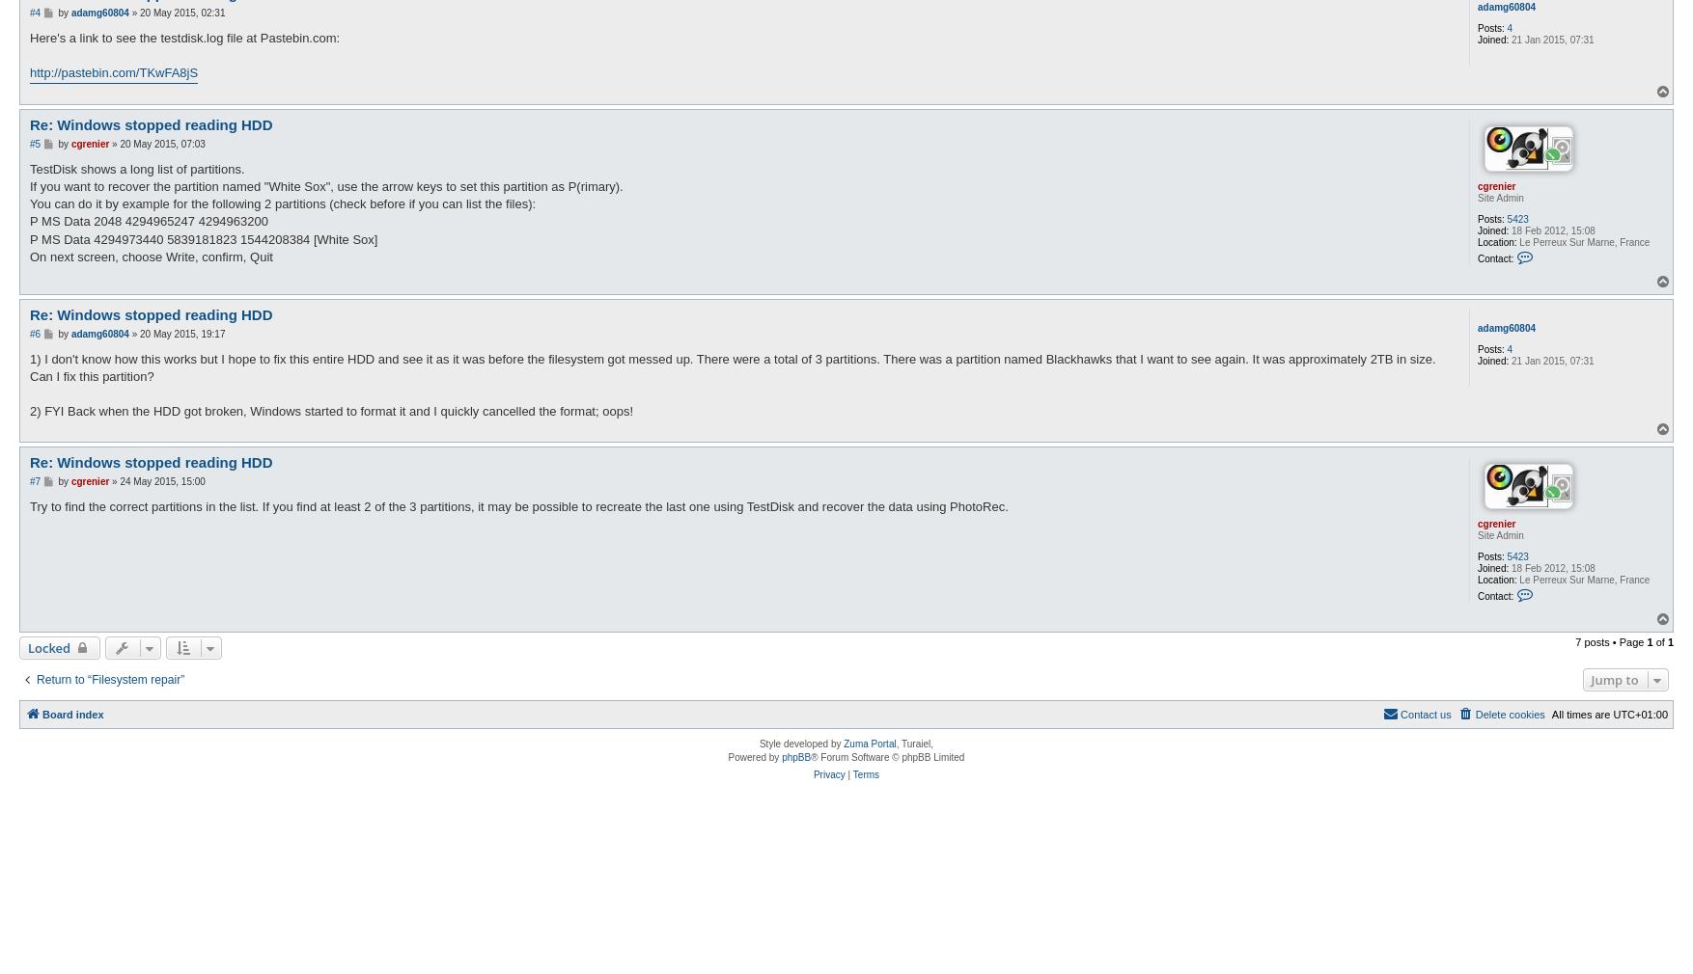 The height and width of the screenshot is (974, 1693). I want to click on '#7', so click(35, 480).